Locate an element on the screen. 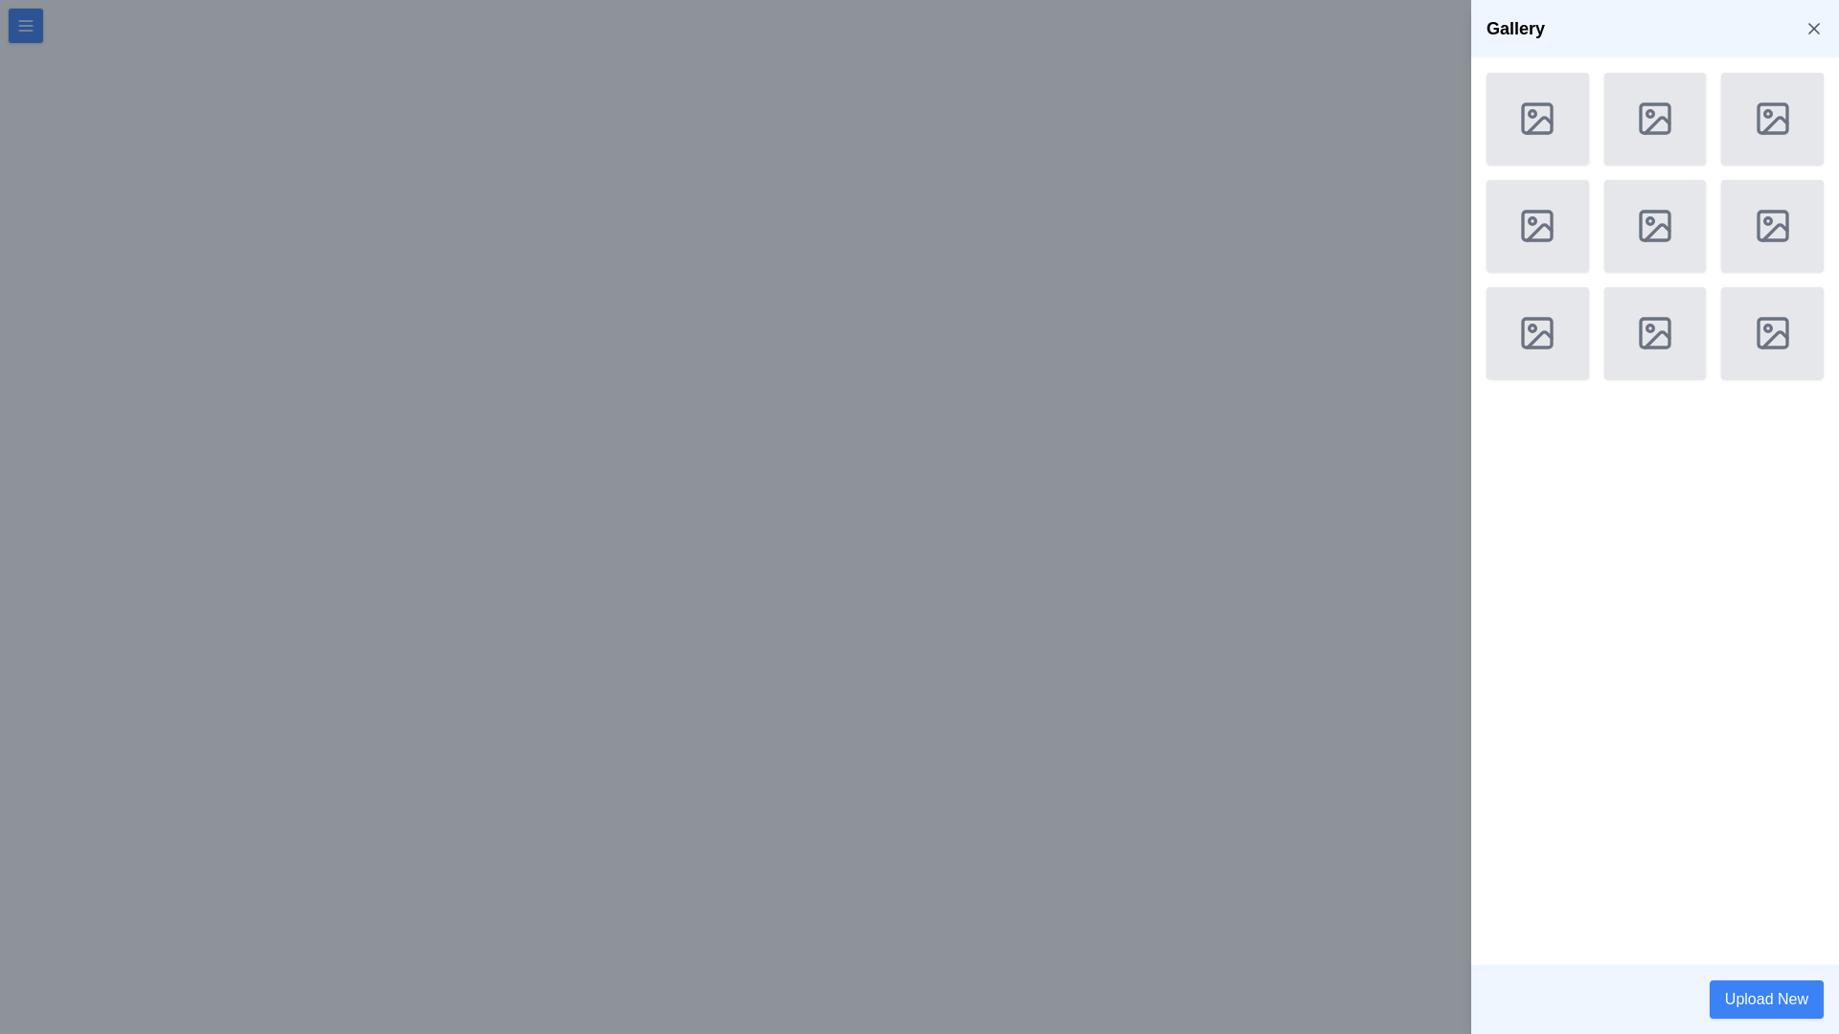  the 'Gallery' text label, which serves as a title indicating the purpose of the current section or page, located in the header bar section towards the left is located at coordinates (1514, 29).